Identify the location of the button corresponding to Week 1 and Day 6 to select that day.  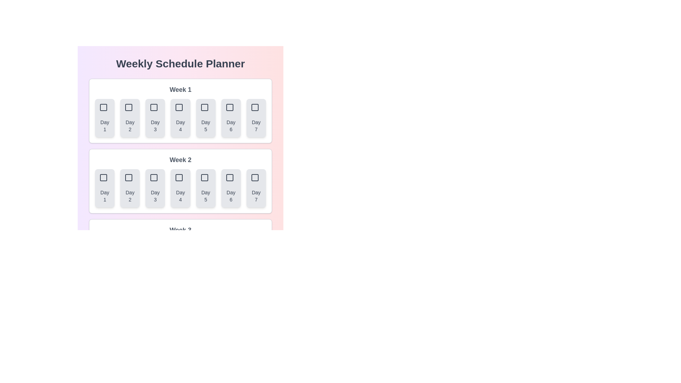
(231, 117).